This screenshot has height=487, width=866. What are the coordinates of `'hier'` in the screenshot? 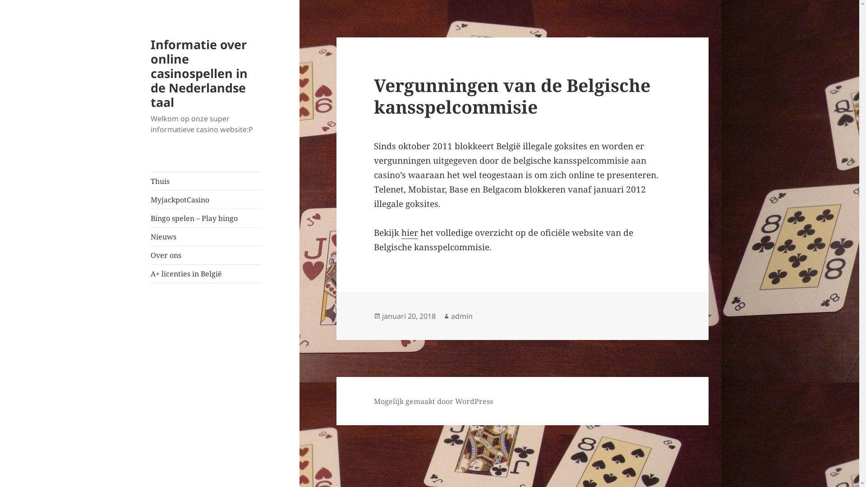 It's located at (409, 232).